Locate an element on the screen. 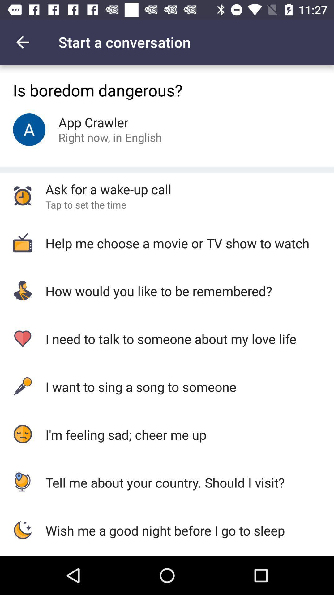 This screenshot has width=334, height=595. item to the right of right now, in is located at coordinates (143, 137).